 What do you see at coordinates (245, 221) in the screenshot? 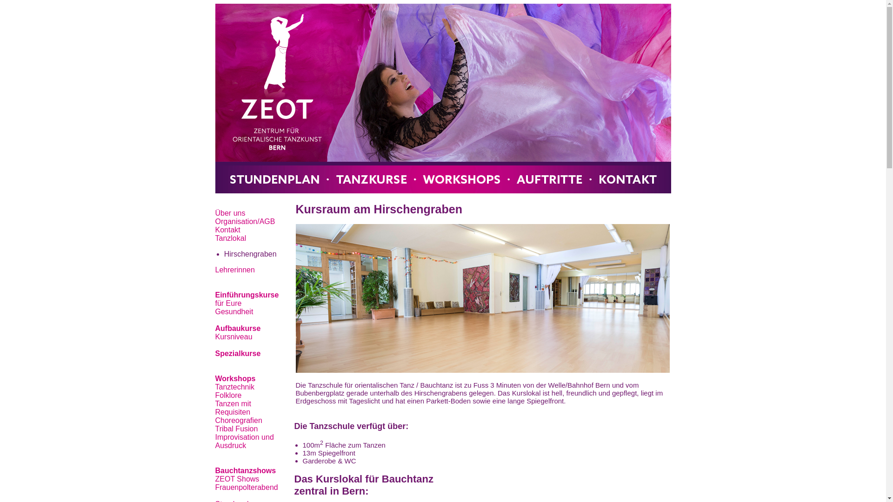
I see `'Organisation/AGB'` at bounding box center [245, 221].